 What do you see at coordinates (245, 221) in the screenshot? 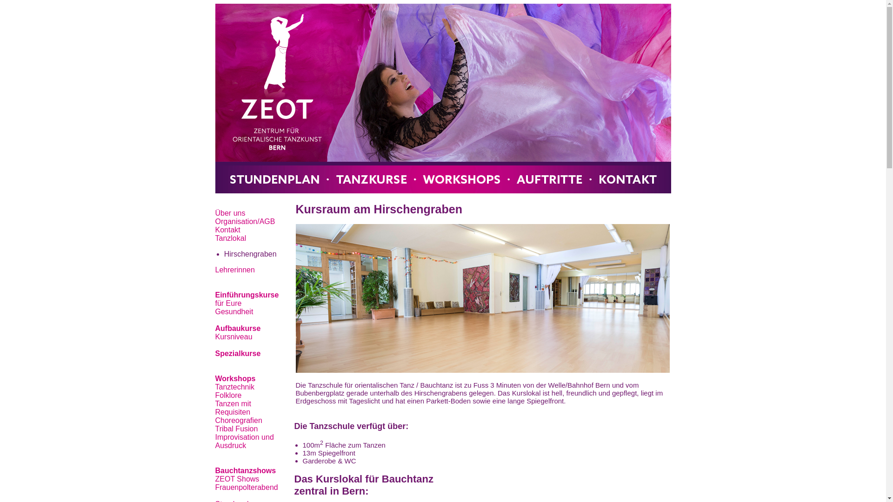
I see `'Organisation/AGB'` at bounding box center [245, 221].